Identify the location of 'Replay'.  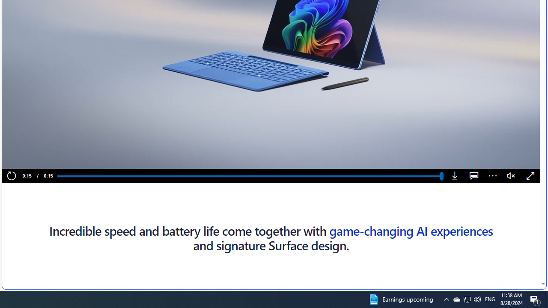
(11, 176).